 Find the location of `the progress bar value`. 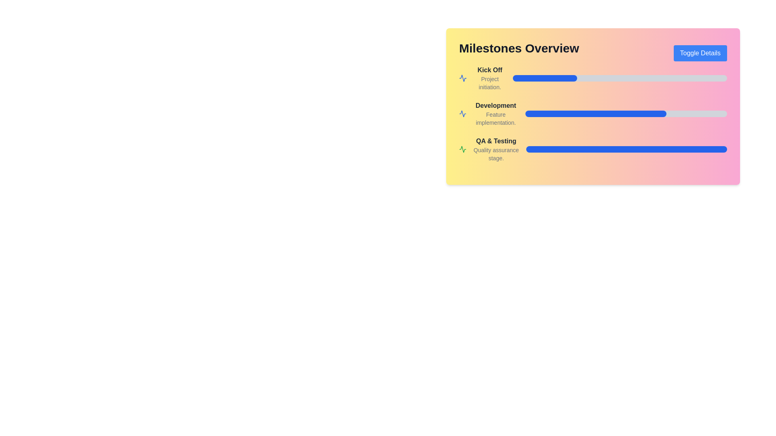

the progress bar value is located at coordinates (596, 149).